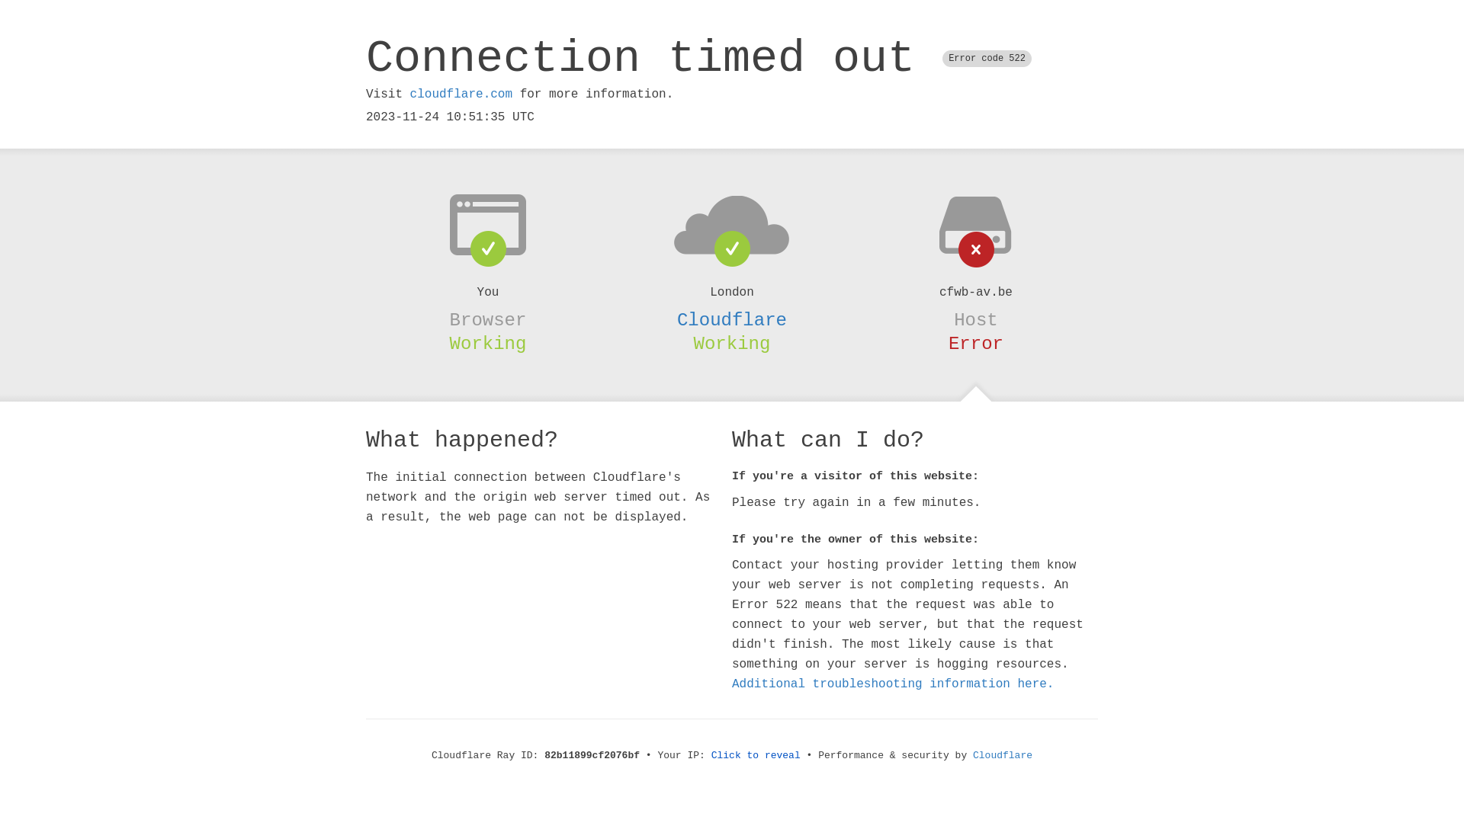  What do you see at coordinates (732, 319) in the screenshot?
I see `'Cloudflare'` at bounding box center [732, 319].